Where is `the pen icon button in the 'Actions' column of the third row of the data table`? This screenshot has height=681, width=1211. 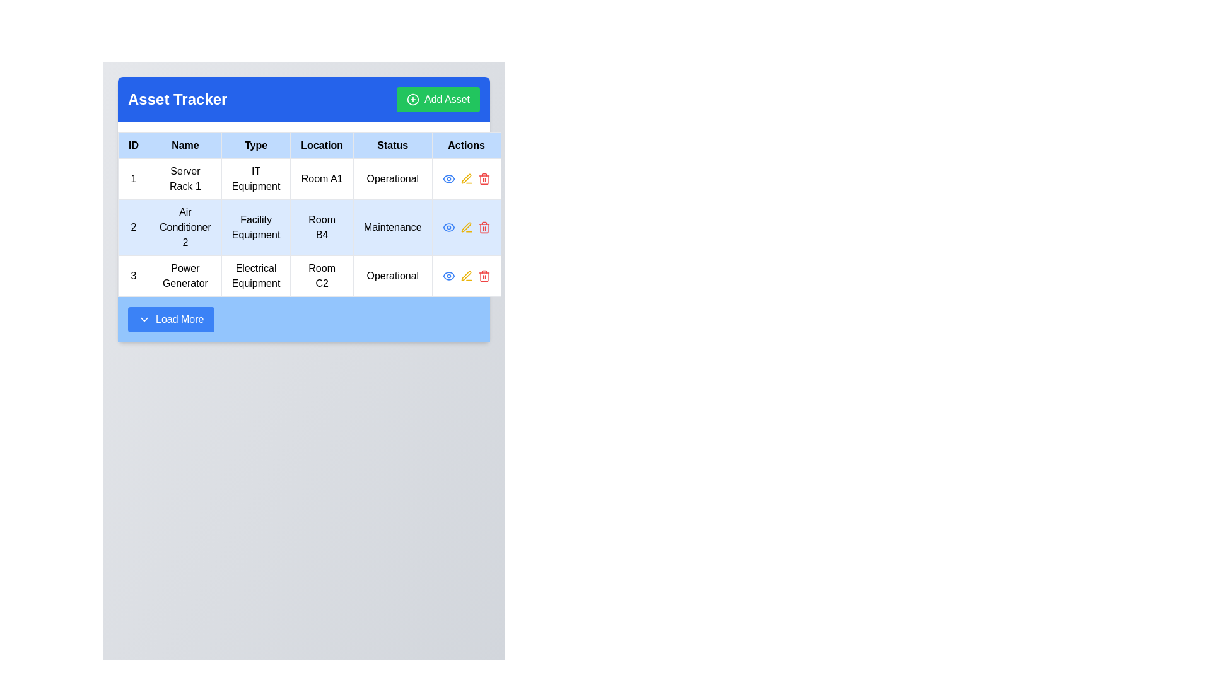
the pen icon button in the 'Actions' column of the third row of the data table is located at coordinates (465, 179).